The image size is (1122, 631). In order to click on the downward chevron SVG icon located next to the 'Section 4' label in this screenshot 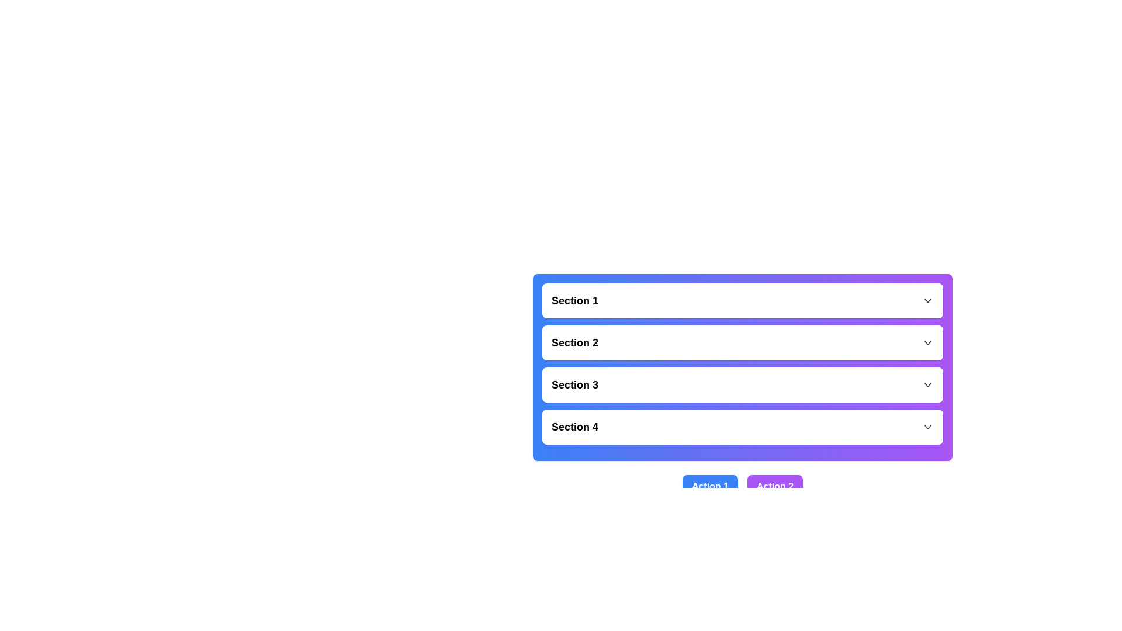, I will do `click(927, 427)`.